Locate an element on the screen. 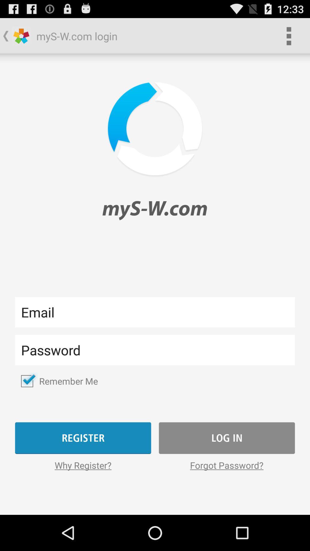 The height and width of the screenshot is (551, 310). email textbox is located at coordinates (155, 312).